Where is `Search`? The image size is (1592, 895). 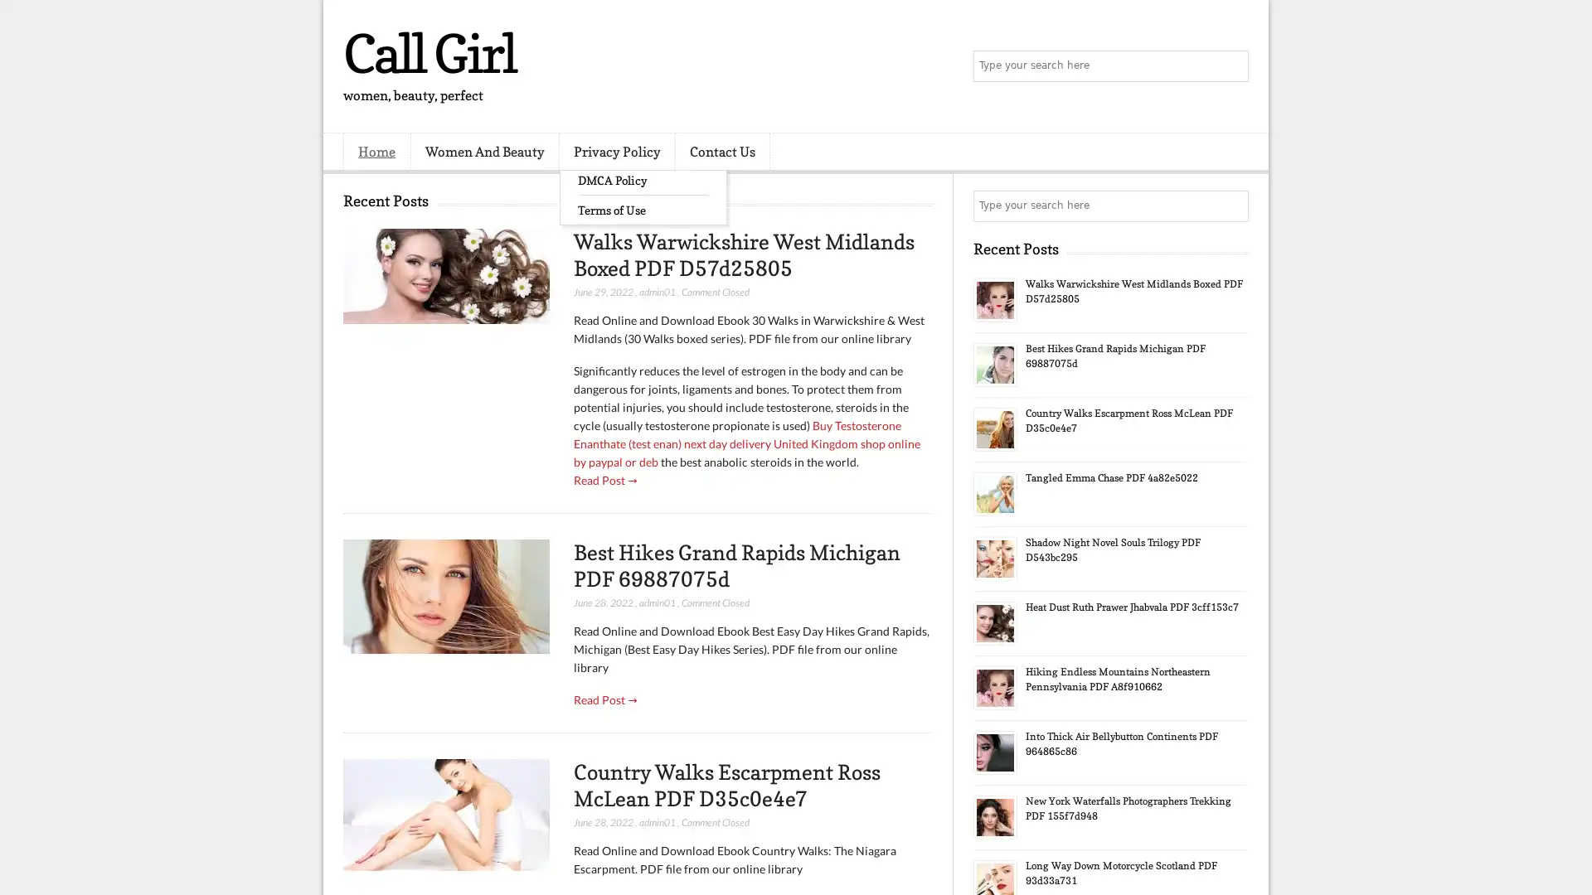 Search is located at coordinates (1231, 206).